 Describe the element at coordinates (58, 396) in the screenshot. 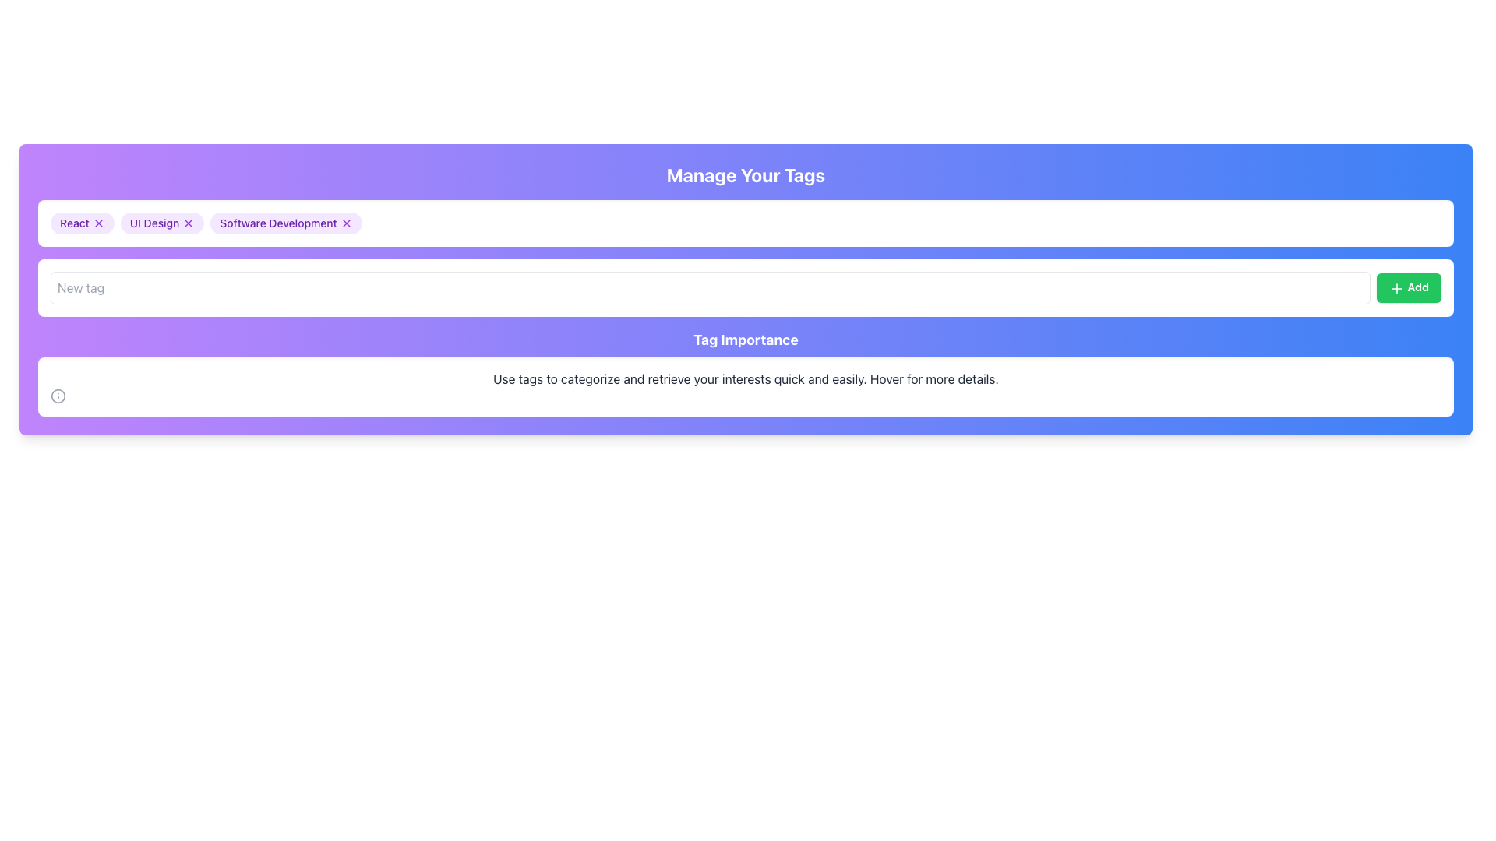

I see `the circular outline icon located to the left of the descriptive message text in the tag importance description section` at that location.